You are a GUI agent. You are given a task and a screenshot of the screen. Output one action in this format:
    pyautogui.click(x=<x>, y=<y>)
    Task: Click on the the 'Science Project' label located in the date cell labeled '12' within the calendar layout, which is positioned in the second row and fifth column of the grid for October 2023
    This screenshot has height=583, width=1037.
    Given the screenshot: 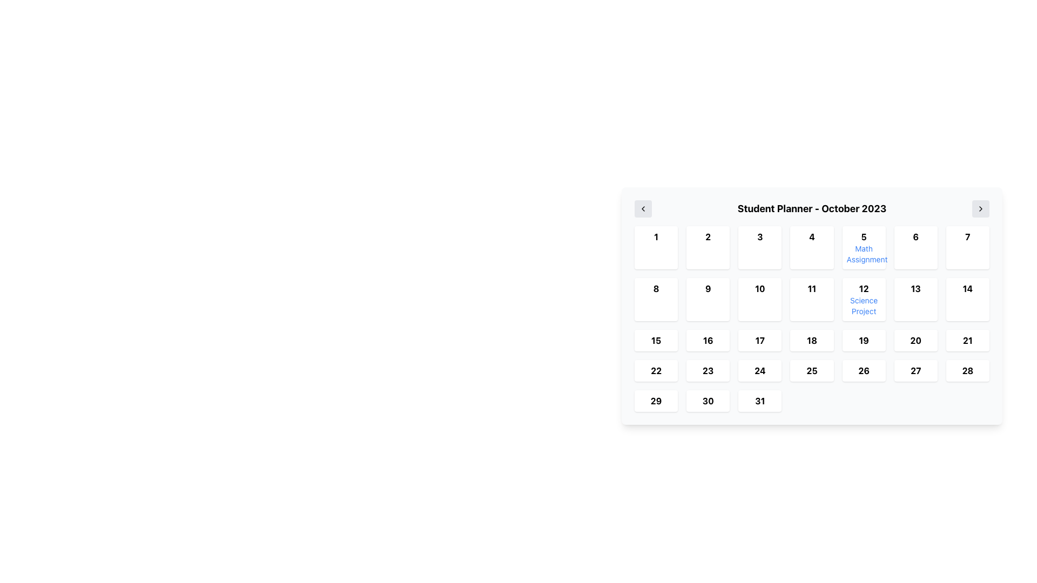 What is the action you would take?
    pyautogui.click(x=863, y=306)
    